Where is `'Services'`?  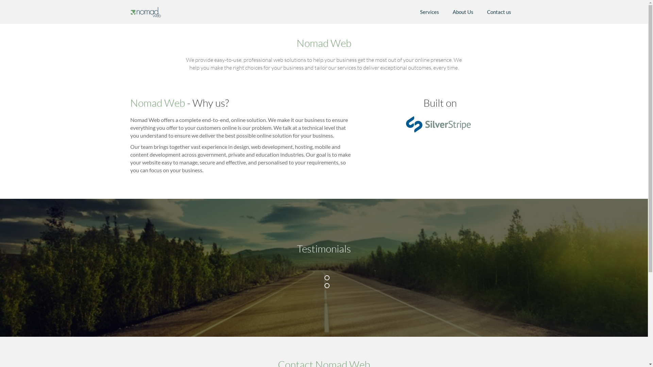
'Services' is located at coordinates (413, 12).